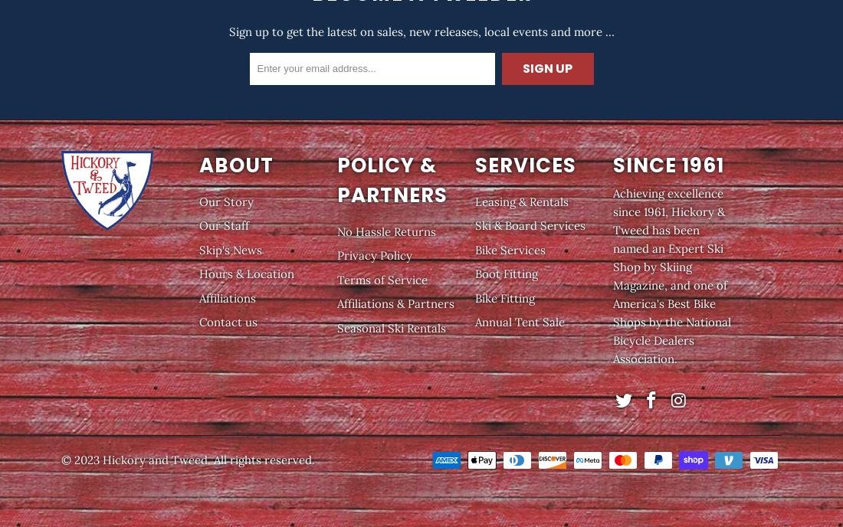 Image resolution: width=843 pixels, height=527 pixels. I want to click on 'Boot Fitting', so click(474, 273).